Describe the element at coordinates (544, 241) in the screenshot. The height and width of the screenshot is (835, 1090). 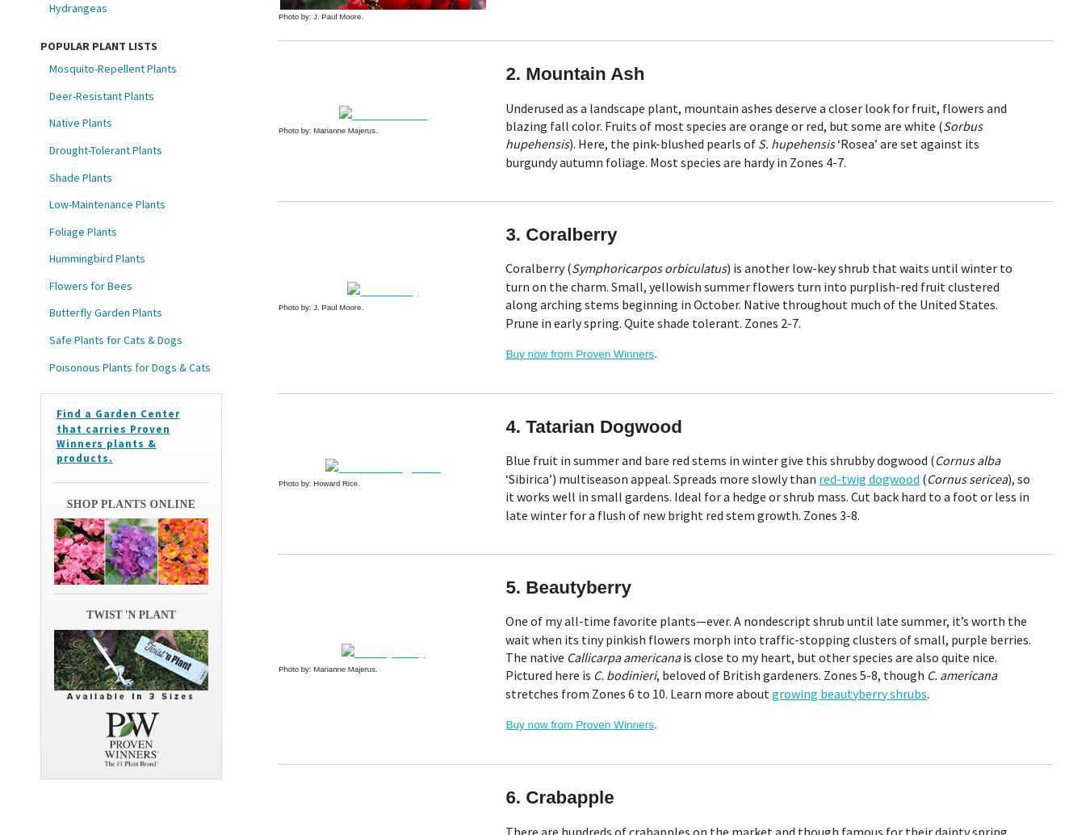
I see `'Get plant information, gardening solutions, design inspiration and more in our weekly newsletter.'` at that location.